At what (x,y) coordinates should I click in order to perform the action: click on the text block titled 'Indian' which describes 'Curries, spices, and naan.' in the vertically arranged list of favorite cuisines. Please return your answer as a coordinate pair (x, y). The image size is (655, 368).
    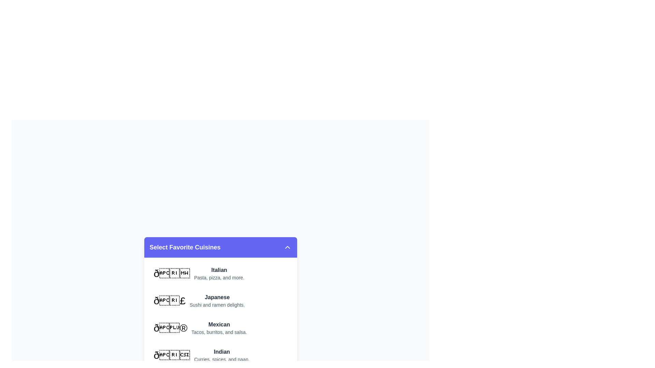
    Looking at the image, I should click on (222, 355).